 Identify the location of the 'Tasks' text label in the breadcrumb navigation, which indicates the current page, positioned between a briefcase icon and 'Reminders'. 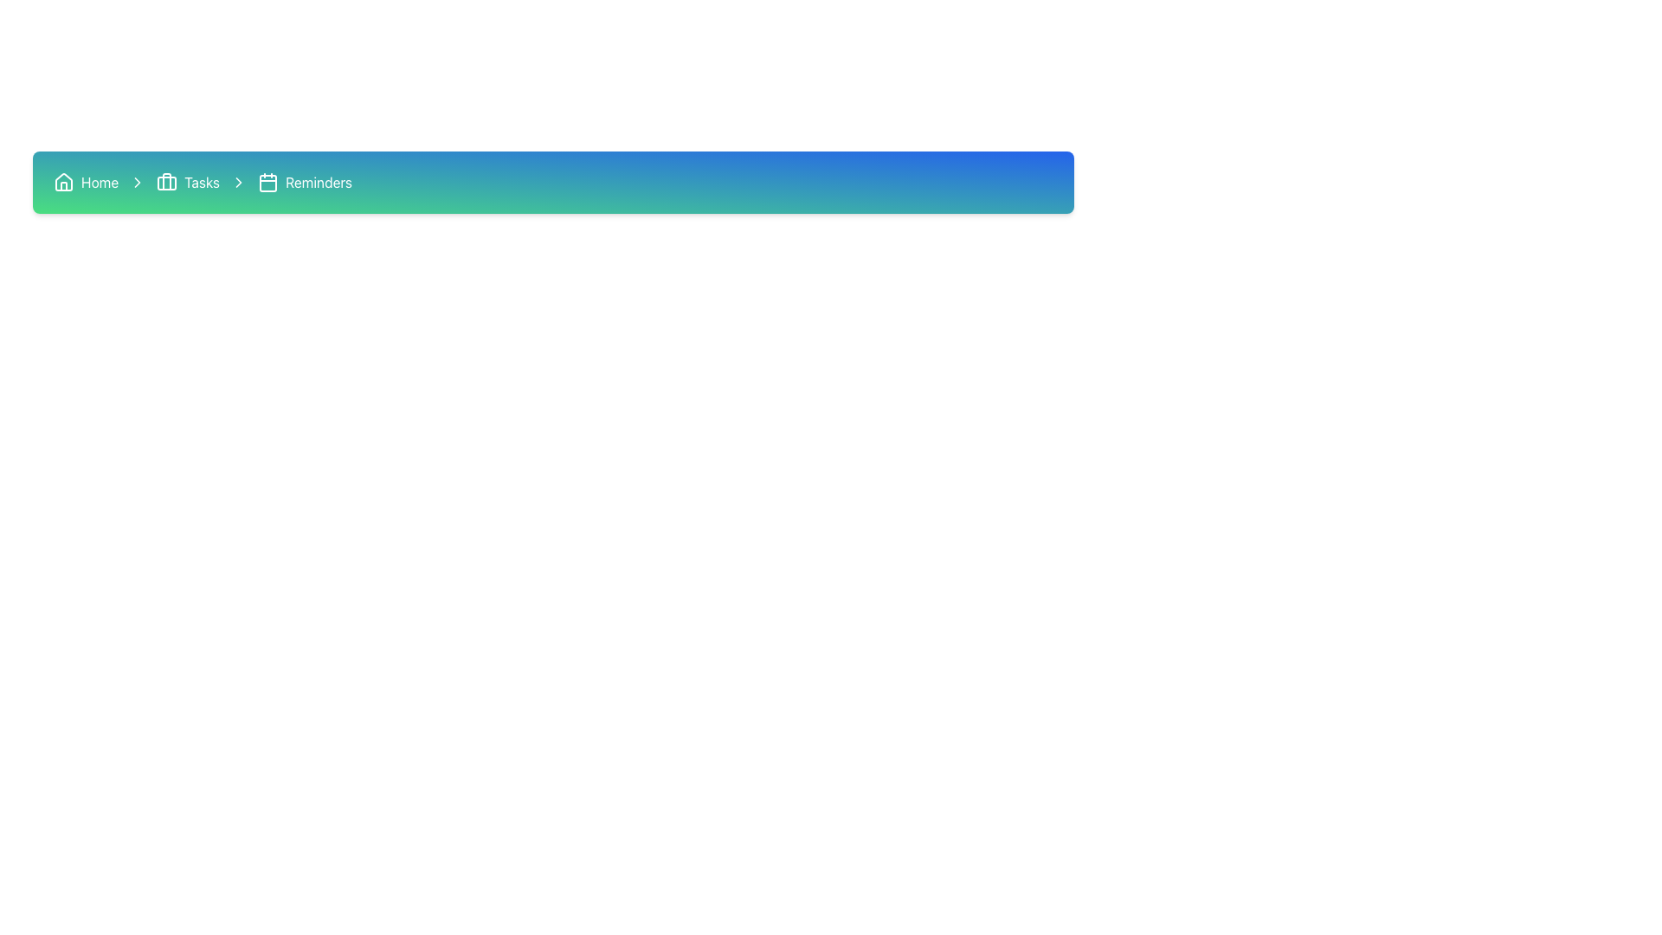
(202, 183).